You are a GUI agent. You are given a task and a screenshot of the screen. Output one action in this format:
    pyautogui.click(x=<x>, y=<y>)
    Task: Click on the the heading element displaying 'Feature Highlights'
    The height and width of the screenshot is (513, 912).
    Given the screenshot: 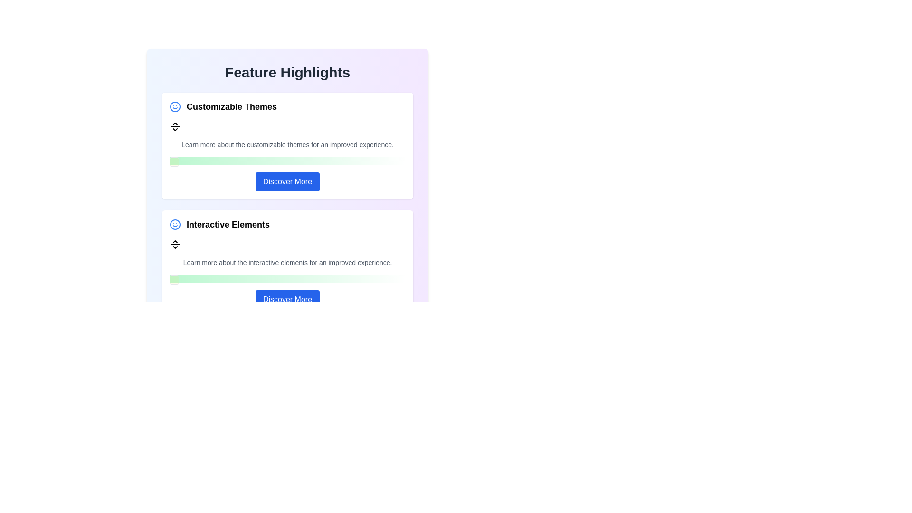 What is the action you would take?
    pyautogui.click(x=287, y=72)
    